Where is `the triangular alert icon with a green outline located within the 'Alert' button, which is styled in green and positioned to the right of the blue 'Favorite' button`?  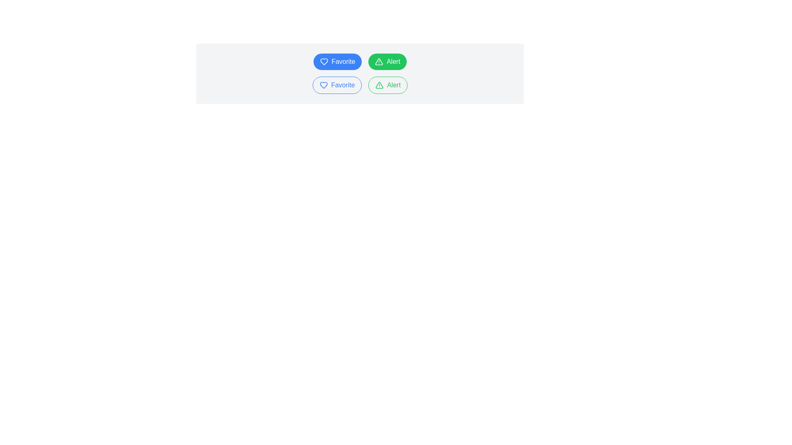
the triangular alert icon with a green outline located within the 'Alert' button, which is styled in green and positioned to the right of the blue 'Favorite' button is located at coordinates (379, 85).